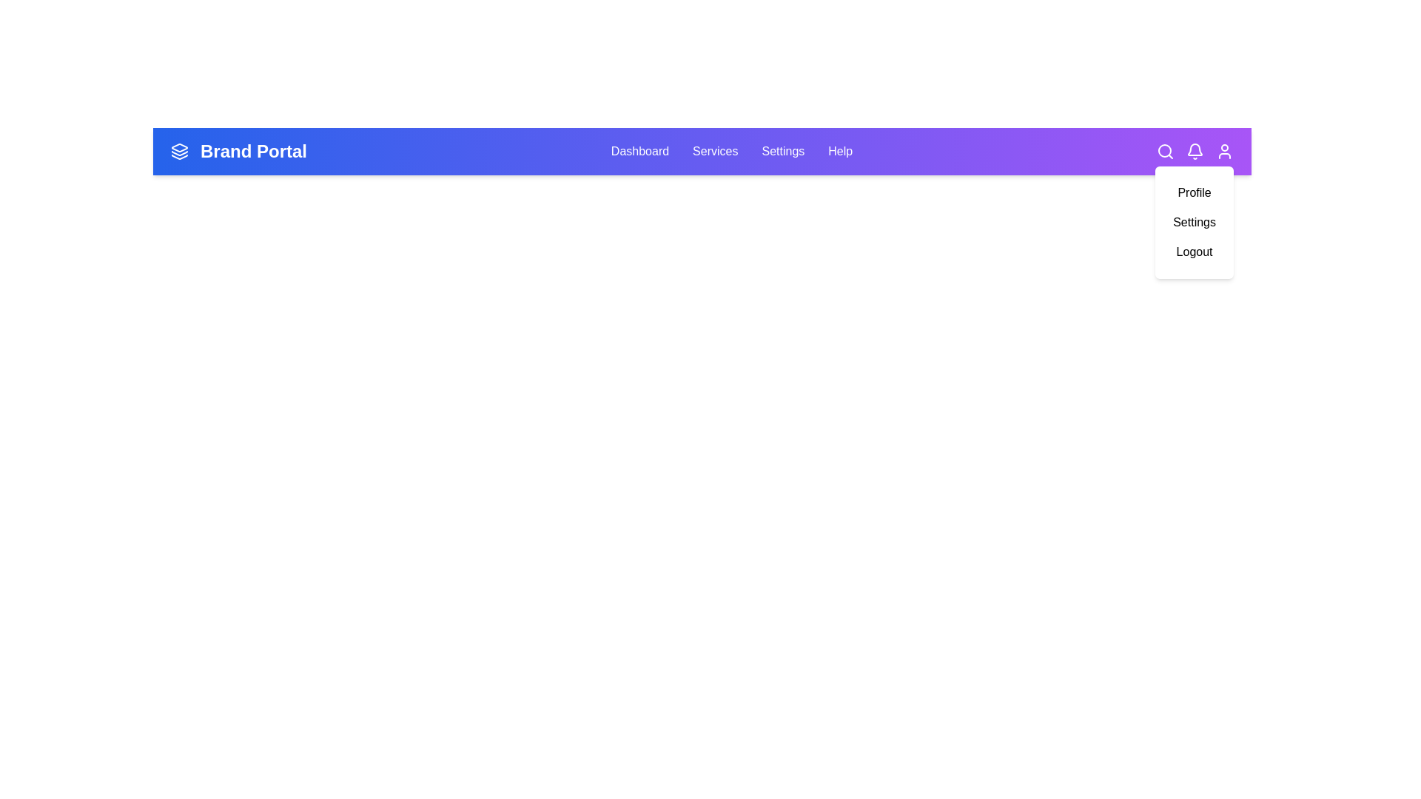  I want to click on the layered structure icon located to the left of 'Brand Portal' in the navigation bar, so click(179, 151).